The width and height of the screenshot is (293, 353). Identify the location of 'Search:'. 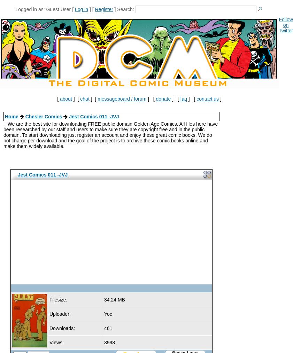
(125, 9).